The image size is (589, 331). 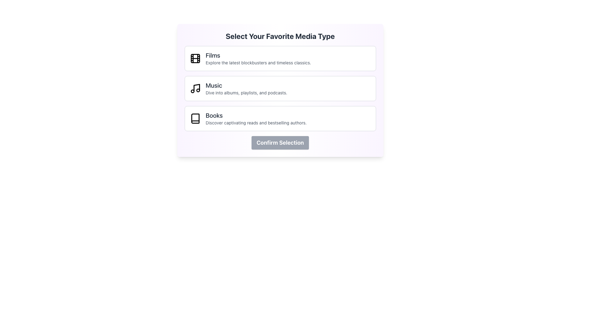 I want to click on the Text Label providing context for the 'Films' media type, located below the 'Films' title and above 'Music' and 'Books', so click(x=258, y=63).